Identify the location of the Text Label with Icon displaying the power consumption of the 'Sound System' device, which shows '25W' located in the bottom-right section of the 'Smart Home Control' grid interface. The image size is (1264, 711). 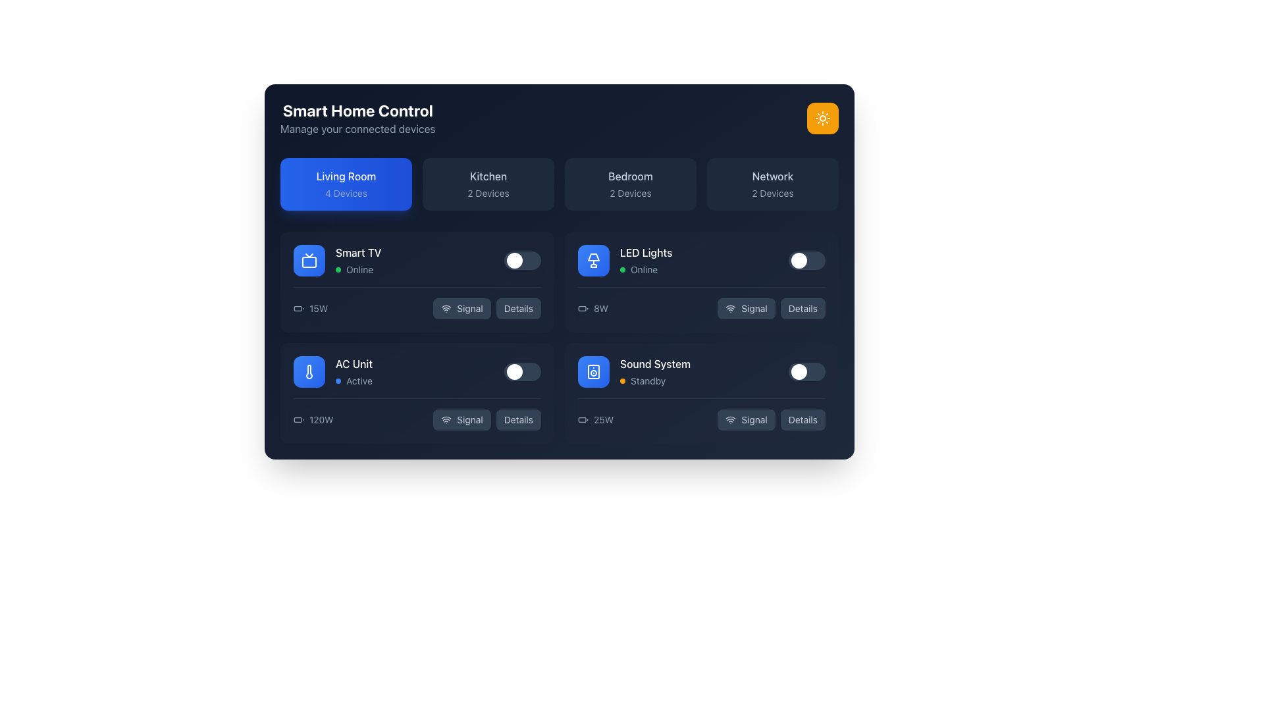
(595, 419).